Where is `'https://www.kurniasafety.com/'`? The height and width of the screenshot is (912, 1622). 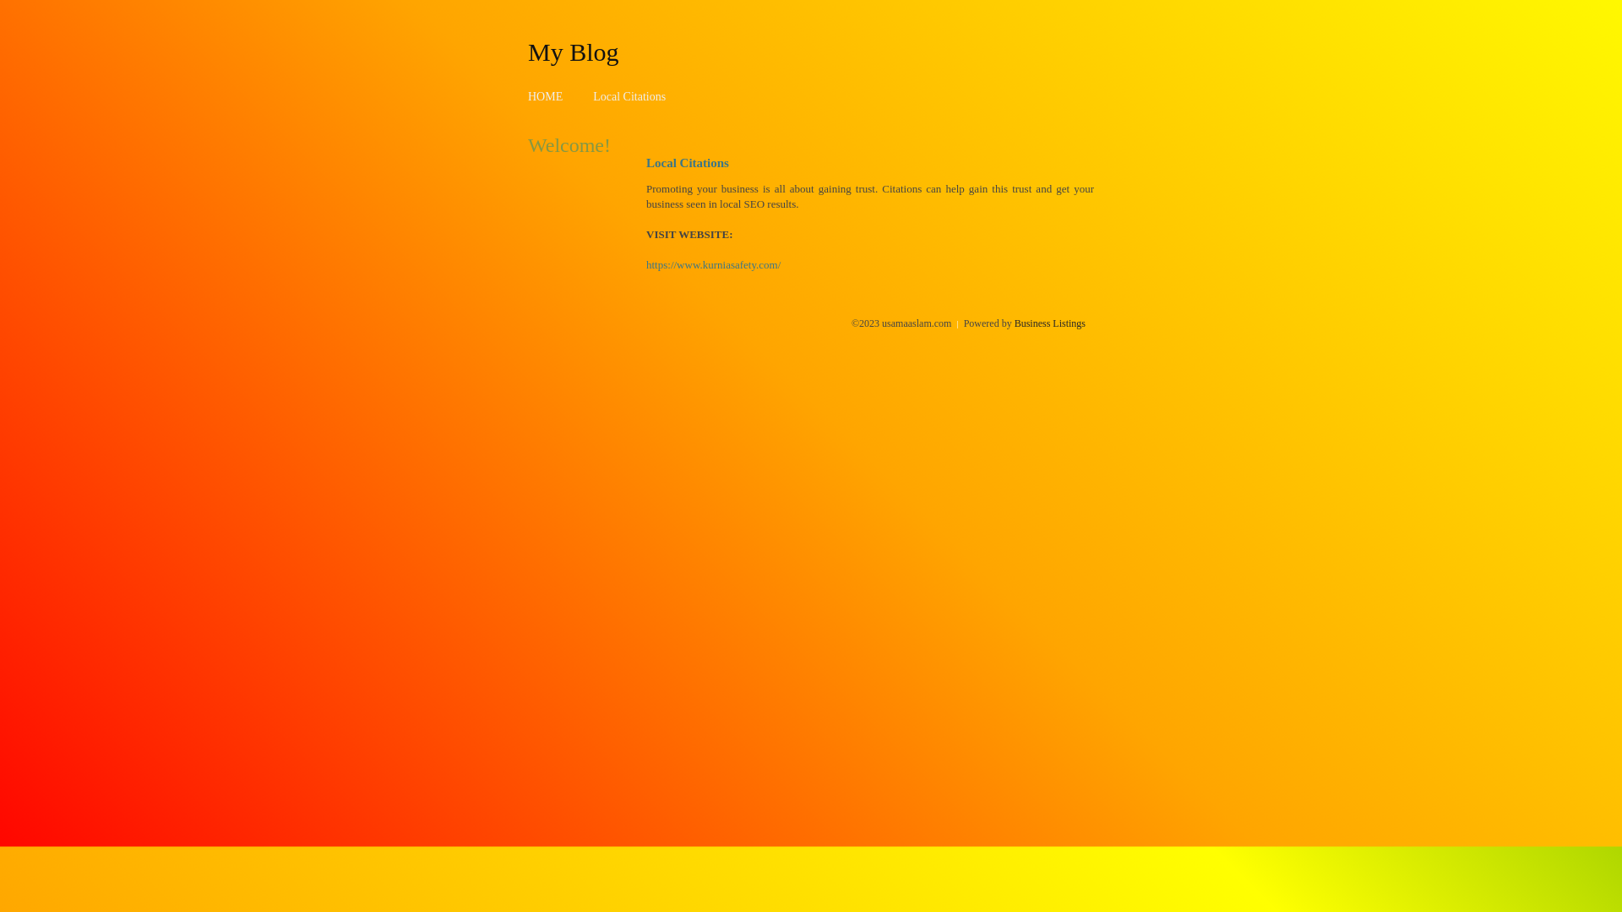
'https://www.kurniasafety.com/' is located at coordinates (645, 264).